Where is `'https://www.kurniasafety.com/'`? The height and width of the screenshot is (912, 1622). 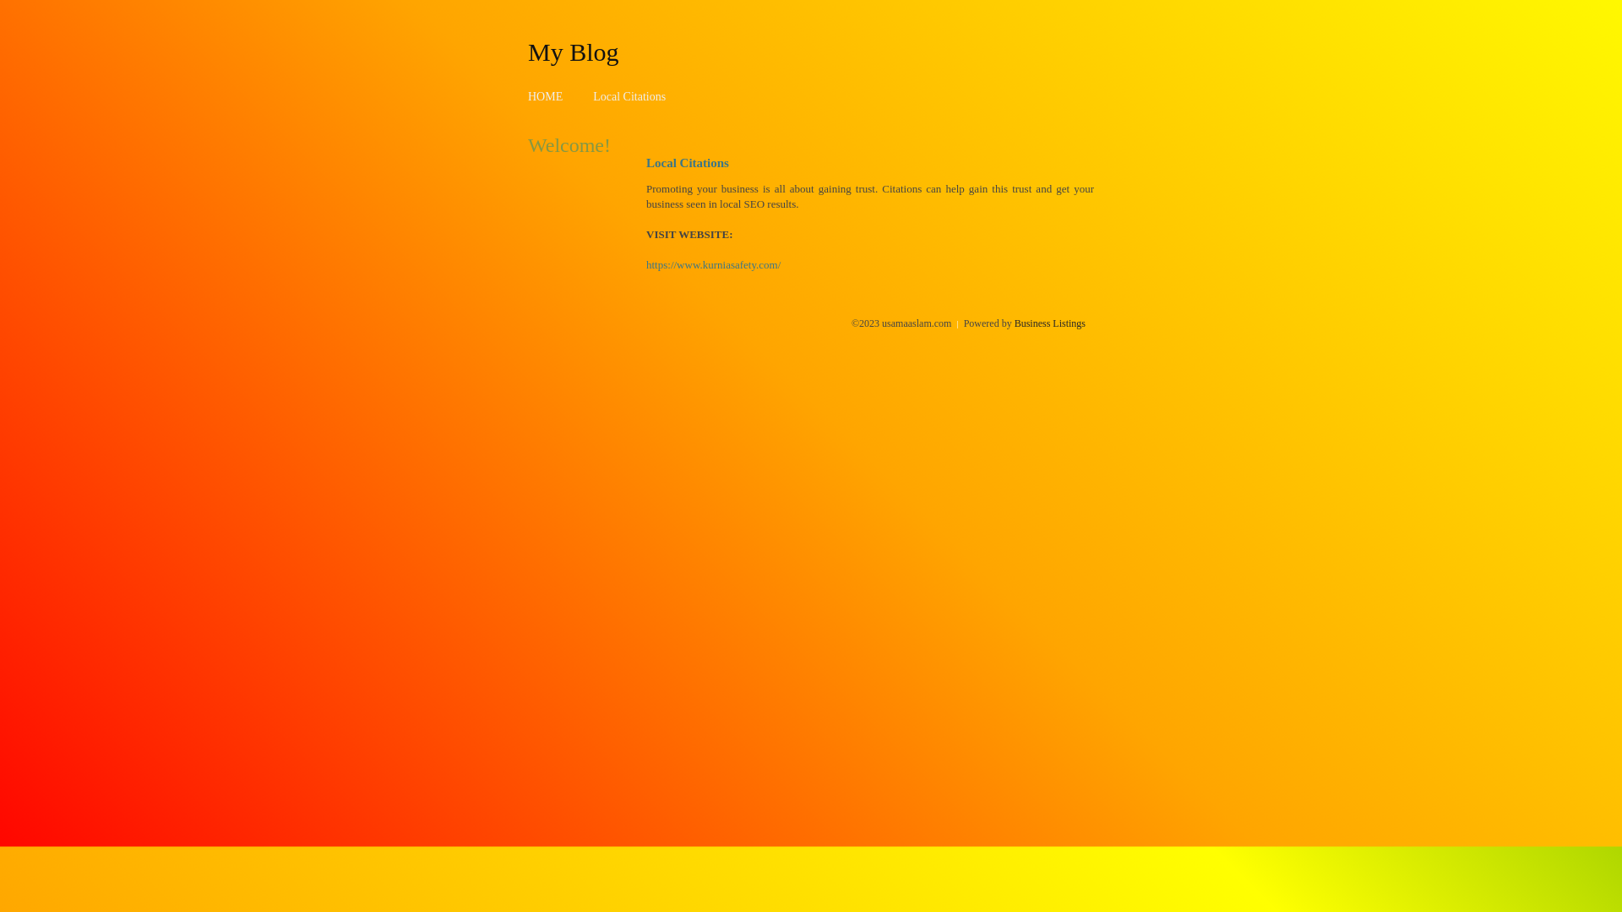
'https://www.kurniasafety.com/' is located at coordinates (645, 264).